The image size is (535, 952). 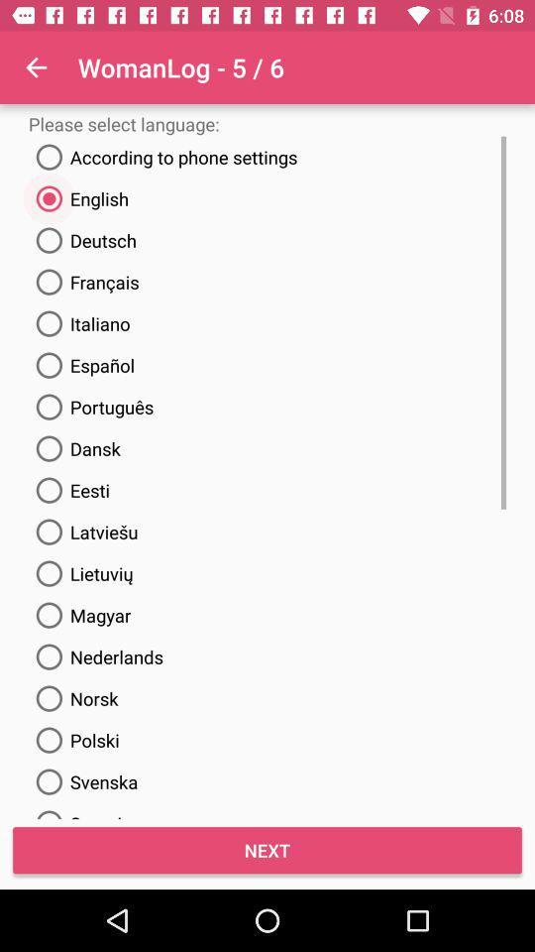 What do you see at coordinates (81, 239) in the screenshot?
I see `the option deutsch on the web page` at bounding box center [81, 239].